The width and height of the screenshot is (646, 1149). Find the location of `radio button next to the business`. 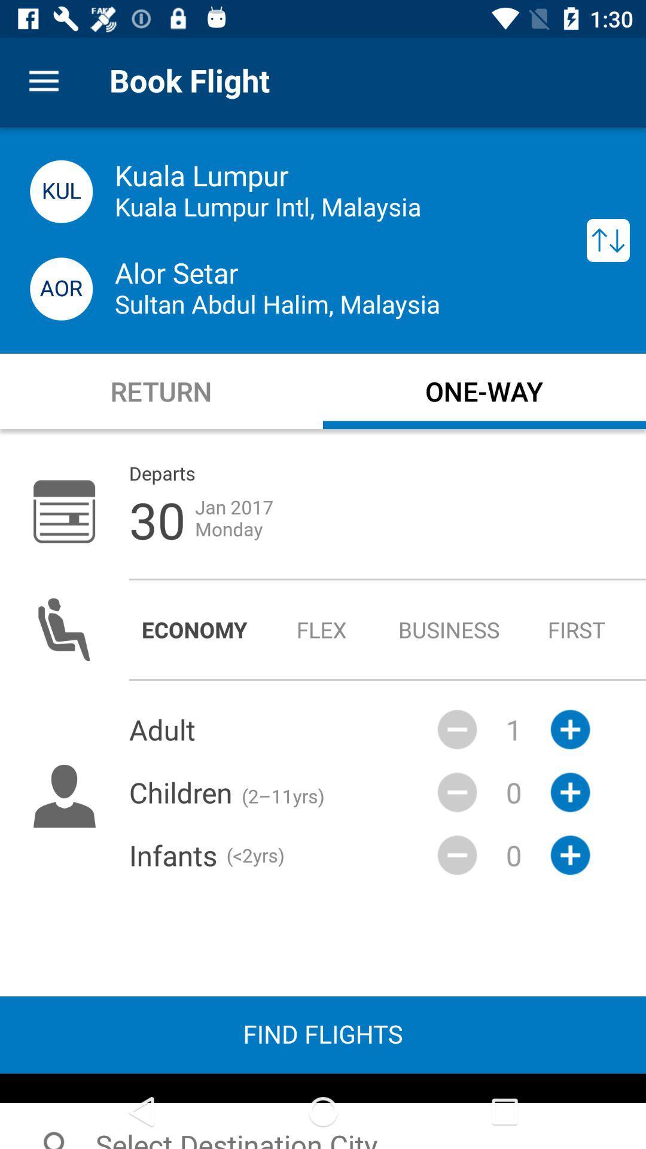

radio button next to the business is located at coordinates (576, 629).